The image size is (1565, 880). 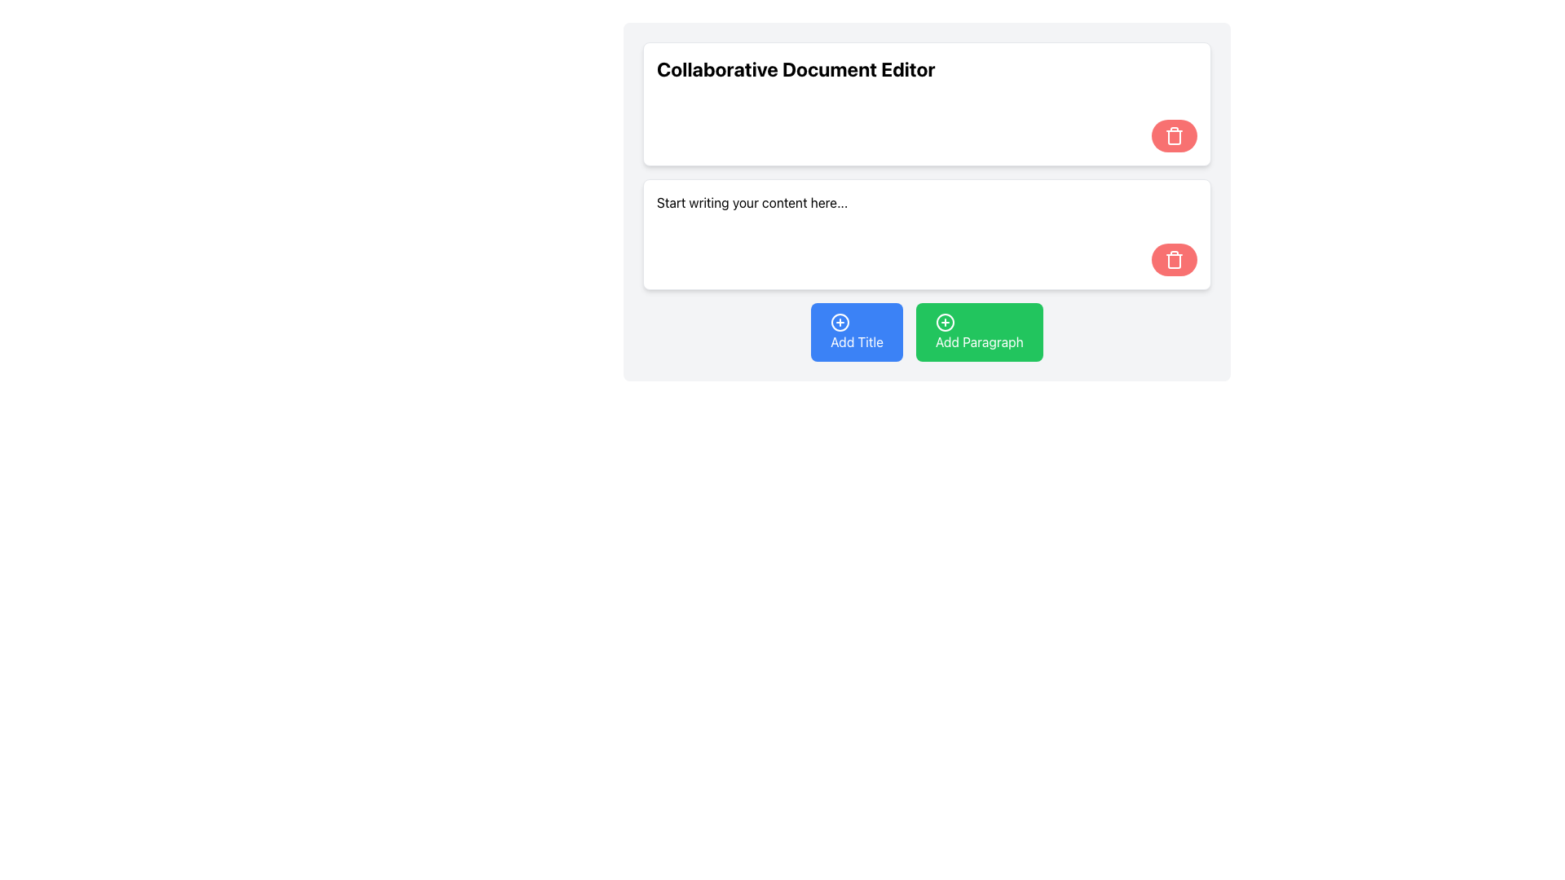 I want to click on the 'Add Title' button, which is a rounded rectangular button with a vivid blue background and white text, located at the bottom center of the interface, so click(x=856, y=332).